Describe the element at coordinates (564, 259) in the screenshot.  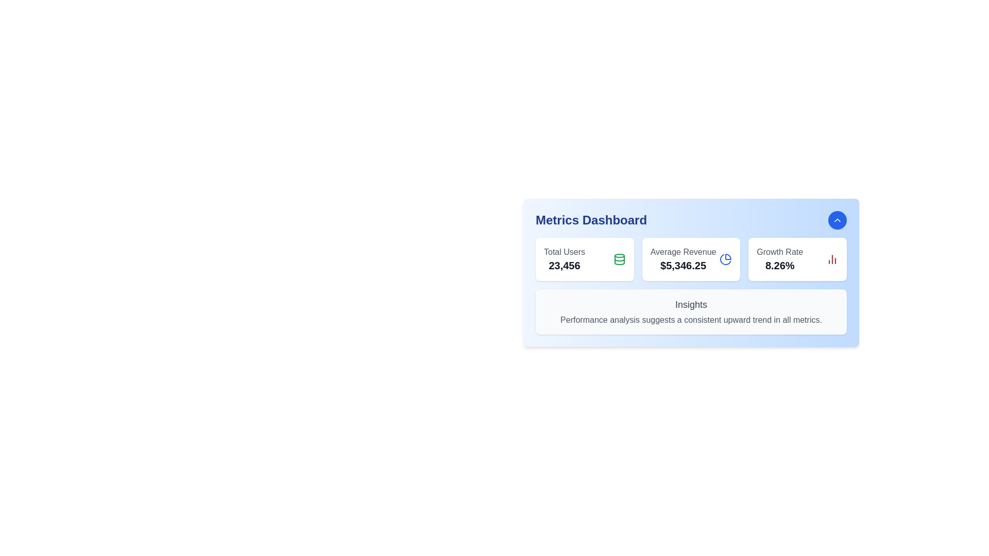
I see `the text label displaying 'Total Users' and '23,456' in the top-left corner of the white card in the 'Metrics Dashboard' section` at that location.